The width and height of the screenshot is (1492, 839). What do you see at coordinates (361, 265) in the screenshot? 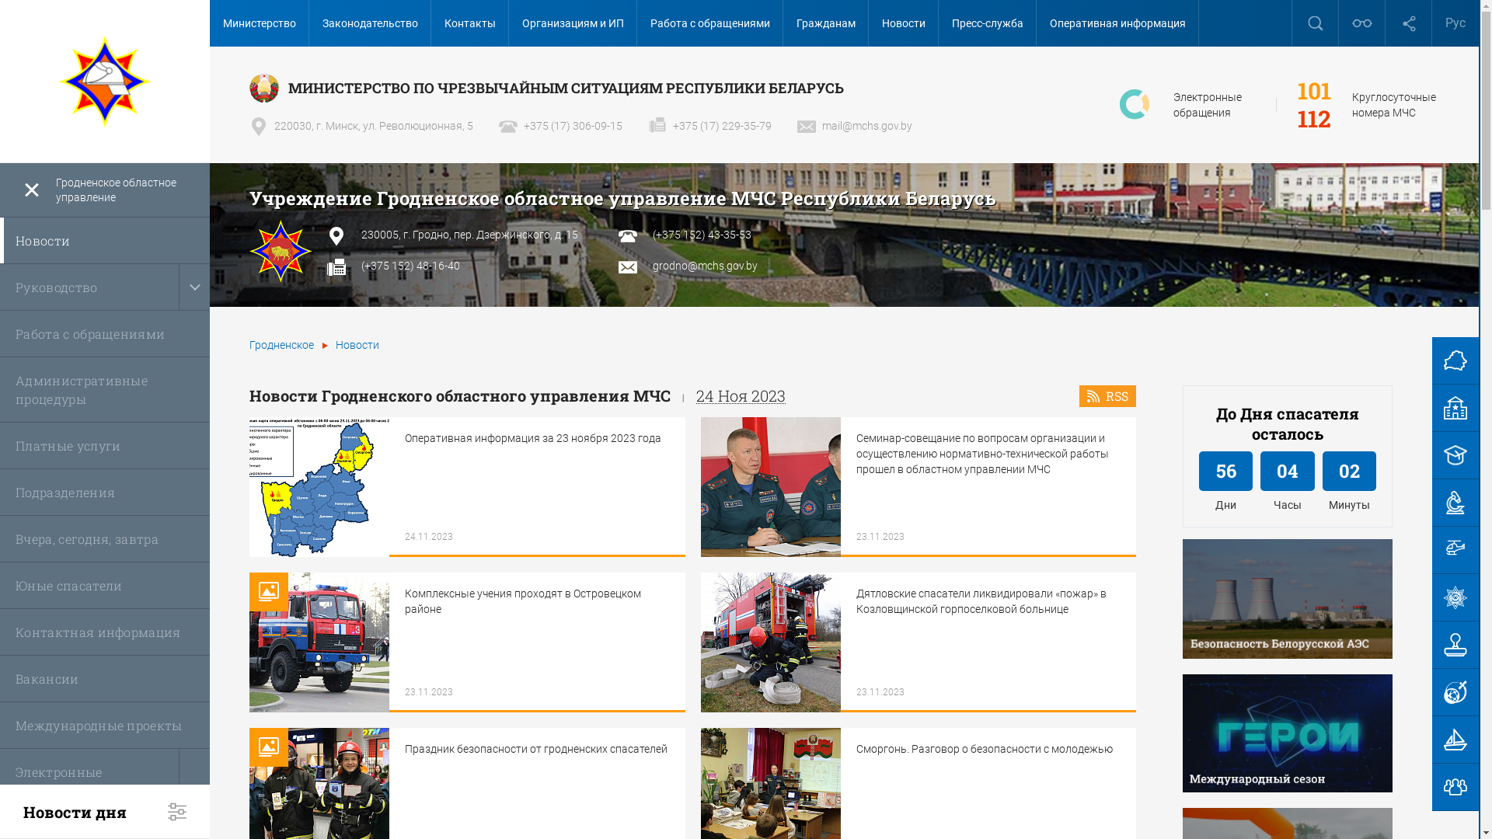
I see `'(+375 152) 48-16-40'` at bounding box center [361, 265].